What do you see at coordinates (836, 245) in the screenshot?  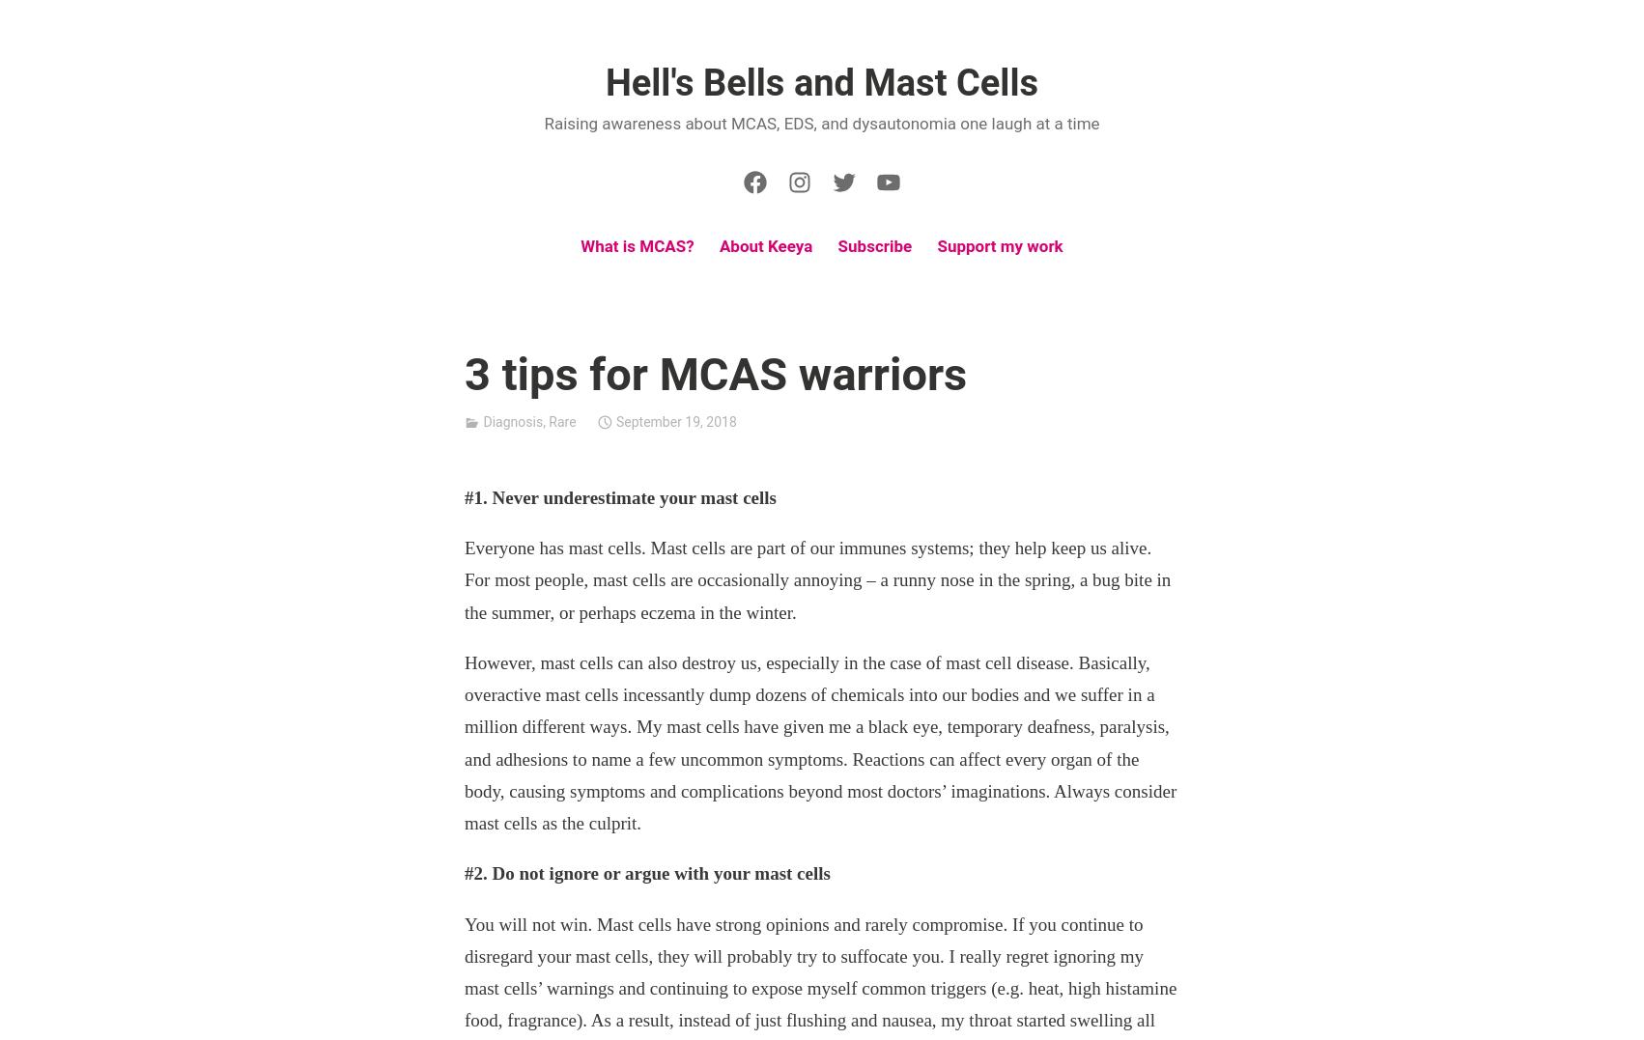 I see `'Subscribe'` at bounding box center [836, 245].